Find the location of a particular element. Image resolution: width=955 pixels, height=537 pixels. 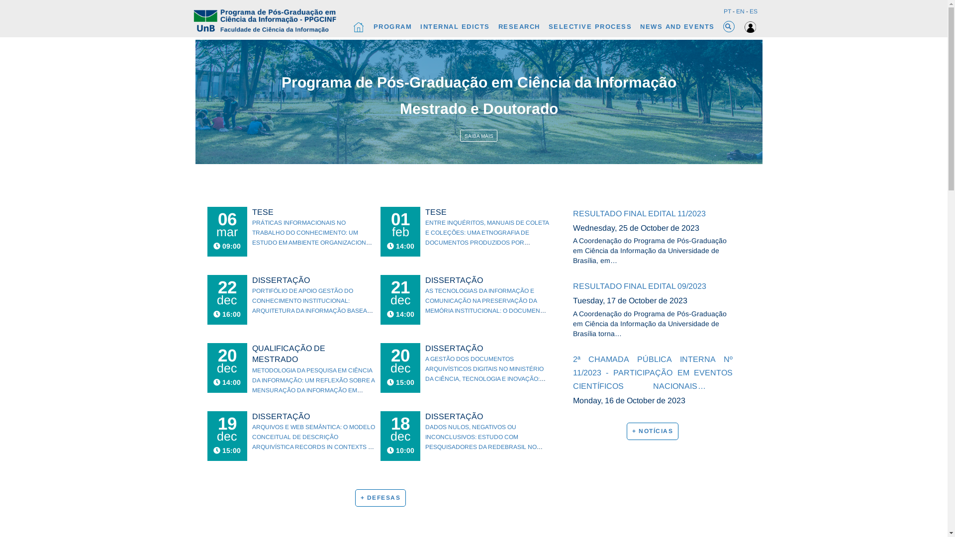

'ES' is located at coordinates (753, 11).